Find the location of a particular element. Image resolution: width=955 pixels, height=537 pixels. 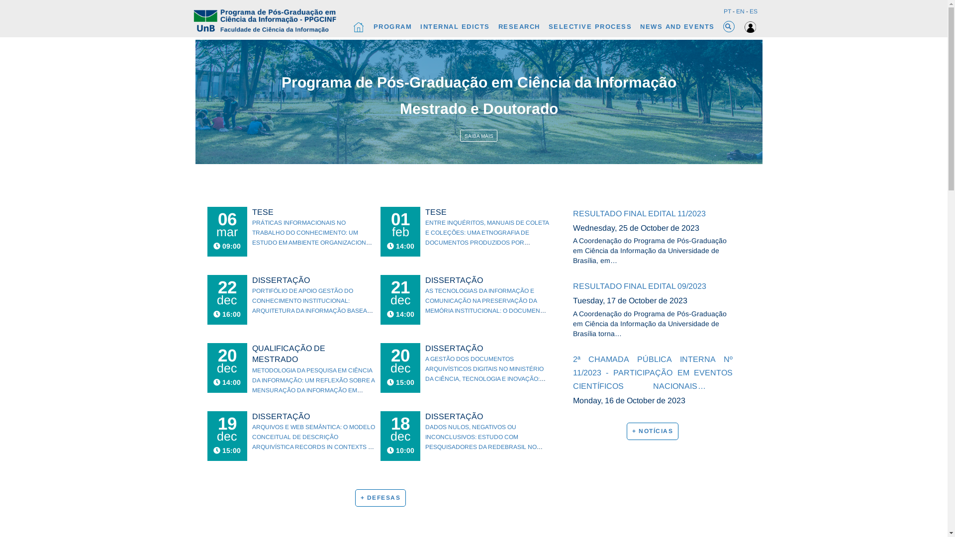

'ES' is located at coordinates (753, 11).